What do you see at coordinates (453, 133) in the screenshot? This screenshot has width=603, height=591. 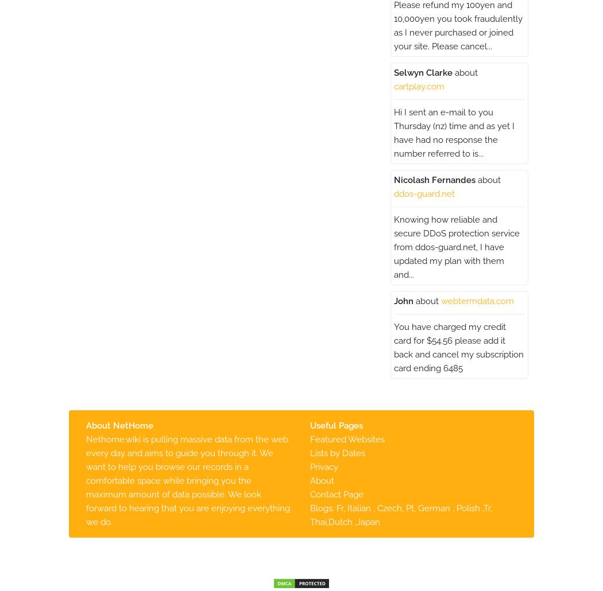 I see `'Hi I sent an e-mail to you Thursday (nz) time and as yet I have had no  response the number referred to is...'` at bounding box center [453, 133].